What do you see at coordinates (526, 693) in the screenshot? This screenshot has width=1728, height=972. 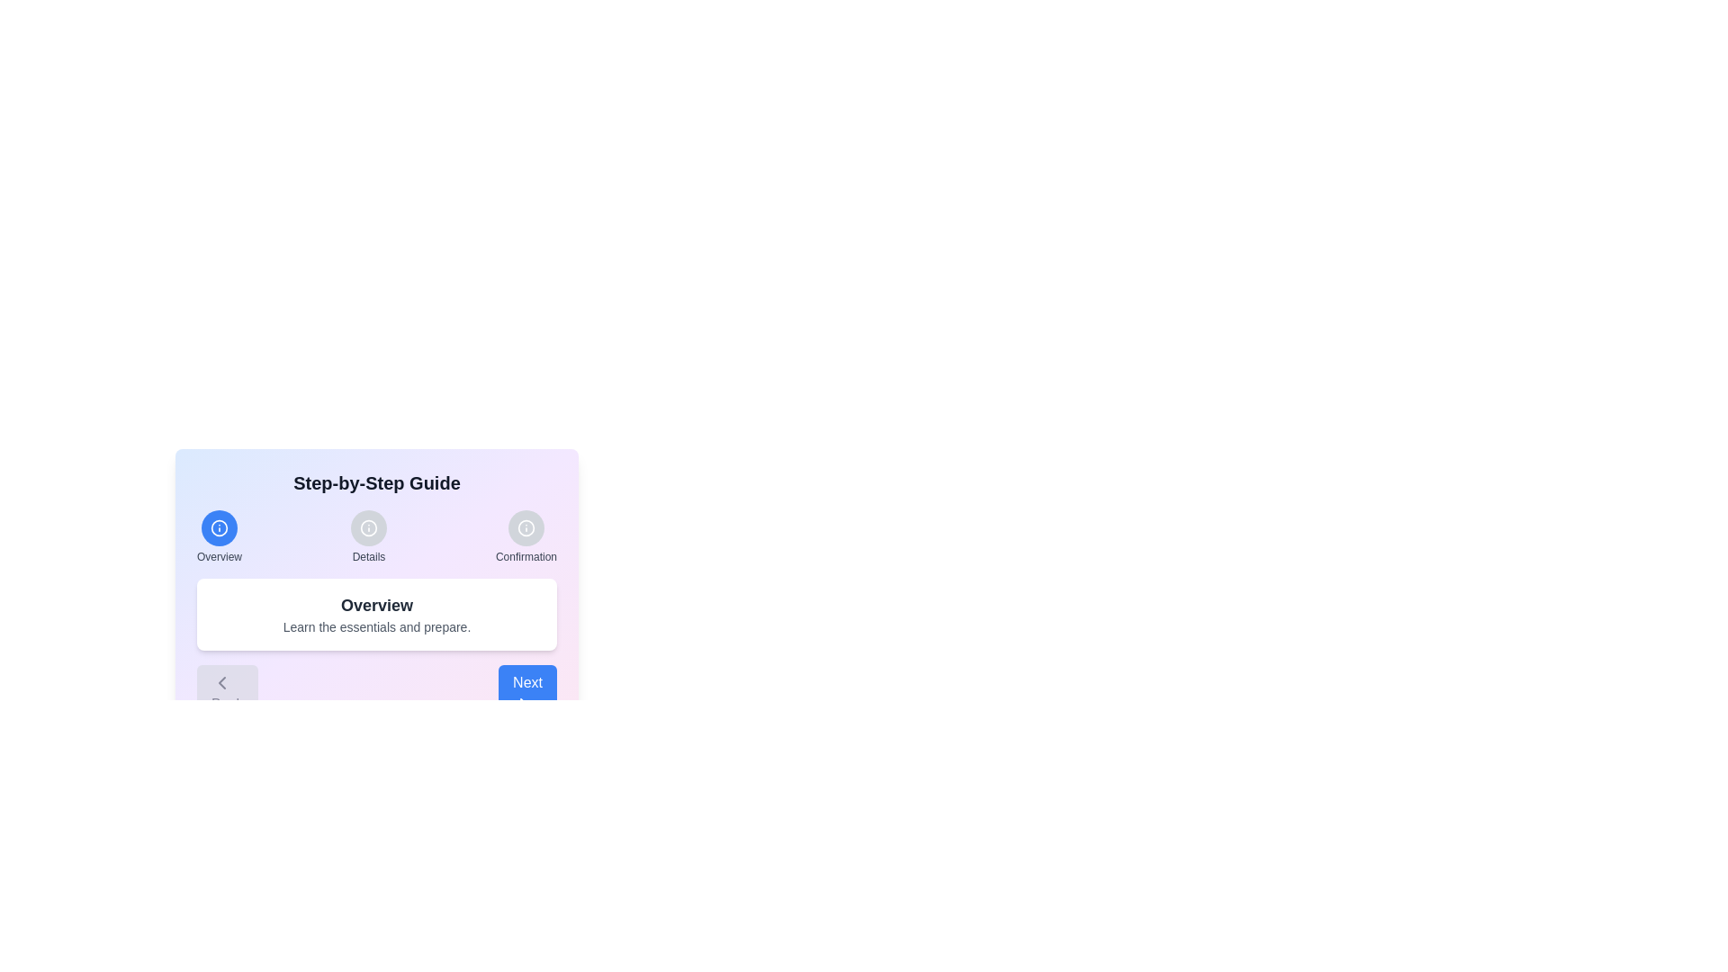 I see `'Next' button to navigate to the next step` at bounding box center [526, 693].